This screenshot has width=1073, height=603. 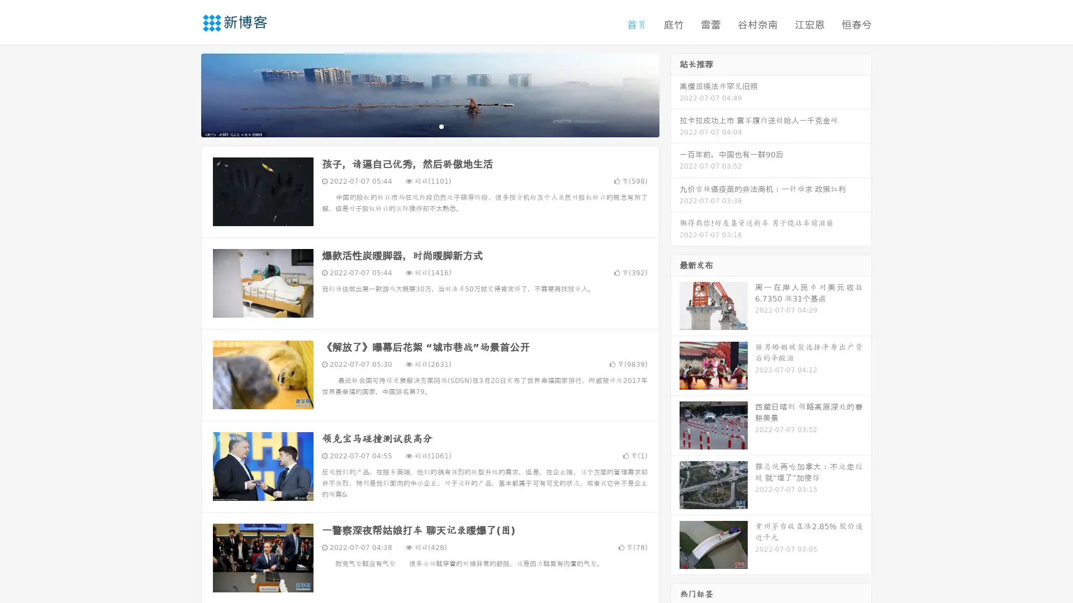 What do you see at coordinates (184, 94) in the screenshot?
I see `Previous slide` at bounding box center [184, 94].